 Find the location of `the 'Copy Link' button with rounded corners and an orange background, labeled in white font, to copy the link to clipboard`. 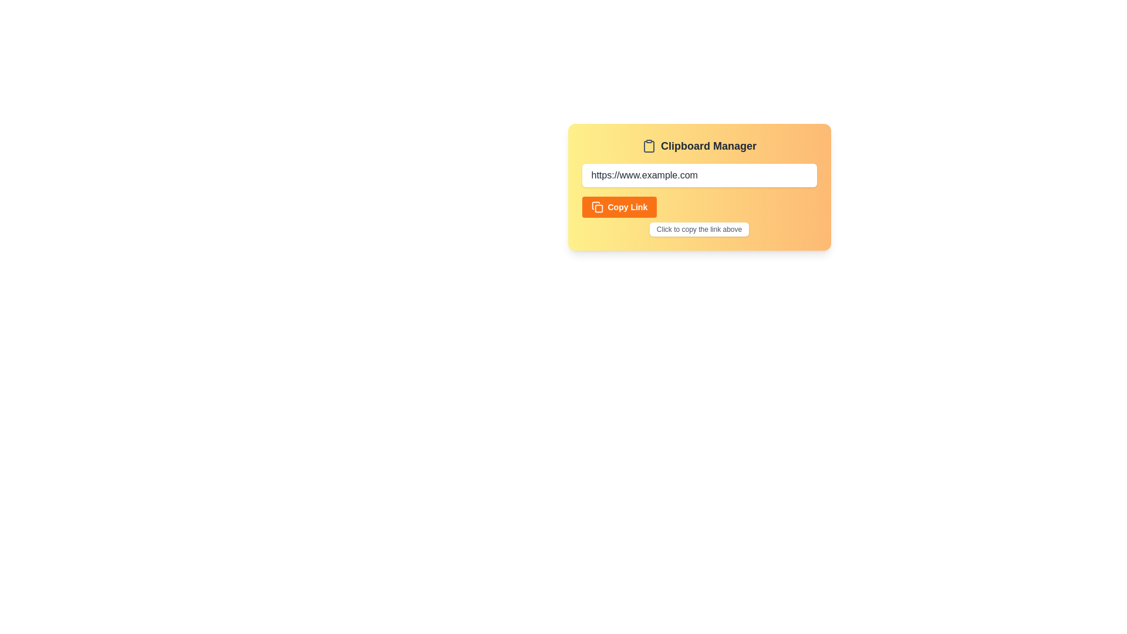

the 'Copy Link' button with rounded corners and an orange background, labeled in white font, to copy the link to clipboard is located at coordinates (619, 207).